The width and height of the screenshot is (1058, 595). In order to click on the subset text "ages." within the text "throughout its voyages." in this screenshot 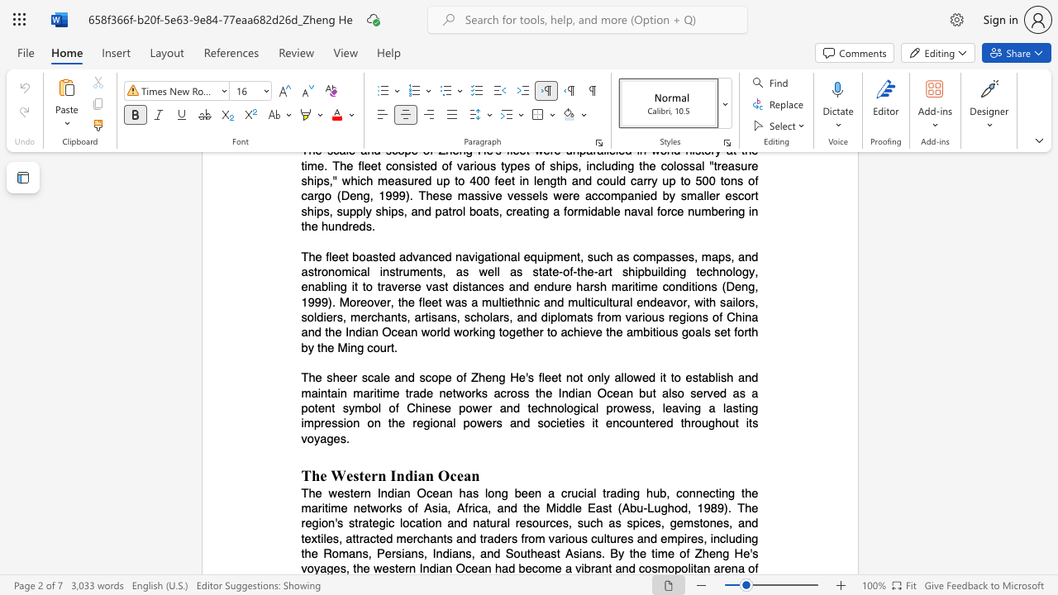, I will do `click(320, 437)`.